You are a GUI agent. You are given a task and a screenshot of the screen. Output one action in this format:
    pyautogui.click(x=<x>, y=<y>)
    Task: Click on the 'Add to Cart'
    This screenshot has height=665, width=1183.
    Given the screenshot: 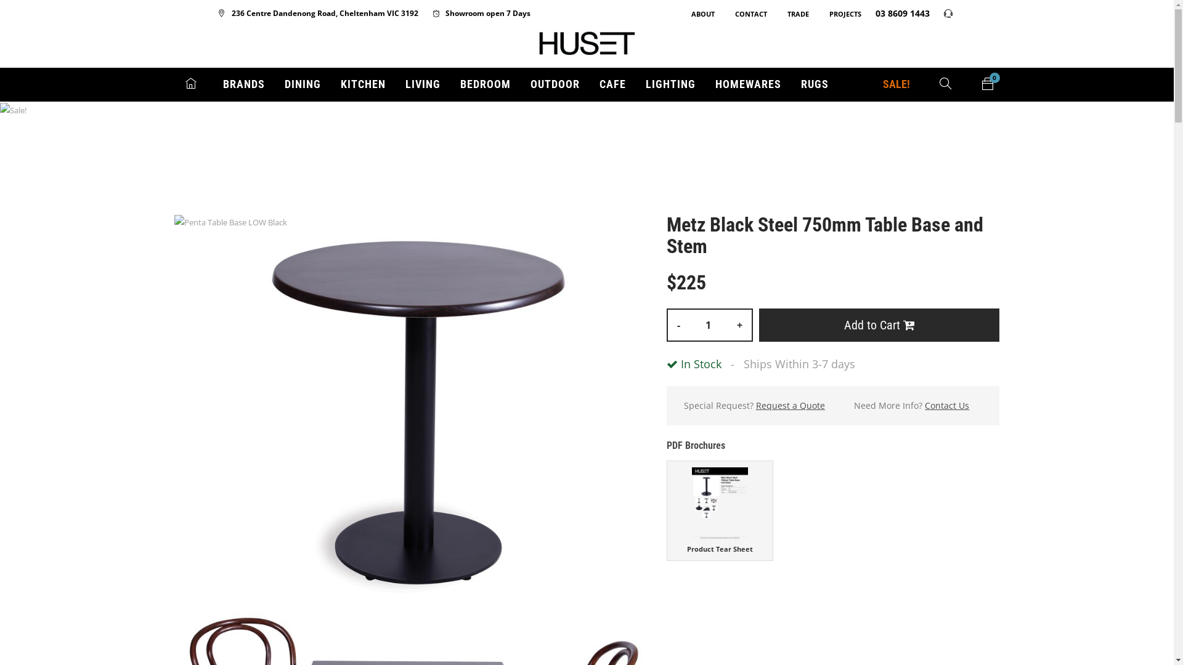 What is the action you would take?
    pyautogui.click(x=879, y=324)
    